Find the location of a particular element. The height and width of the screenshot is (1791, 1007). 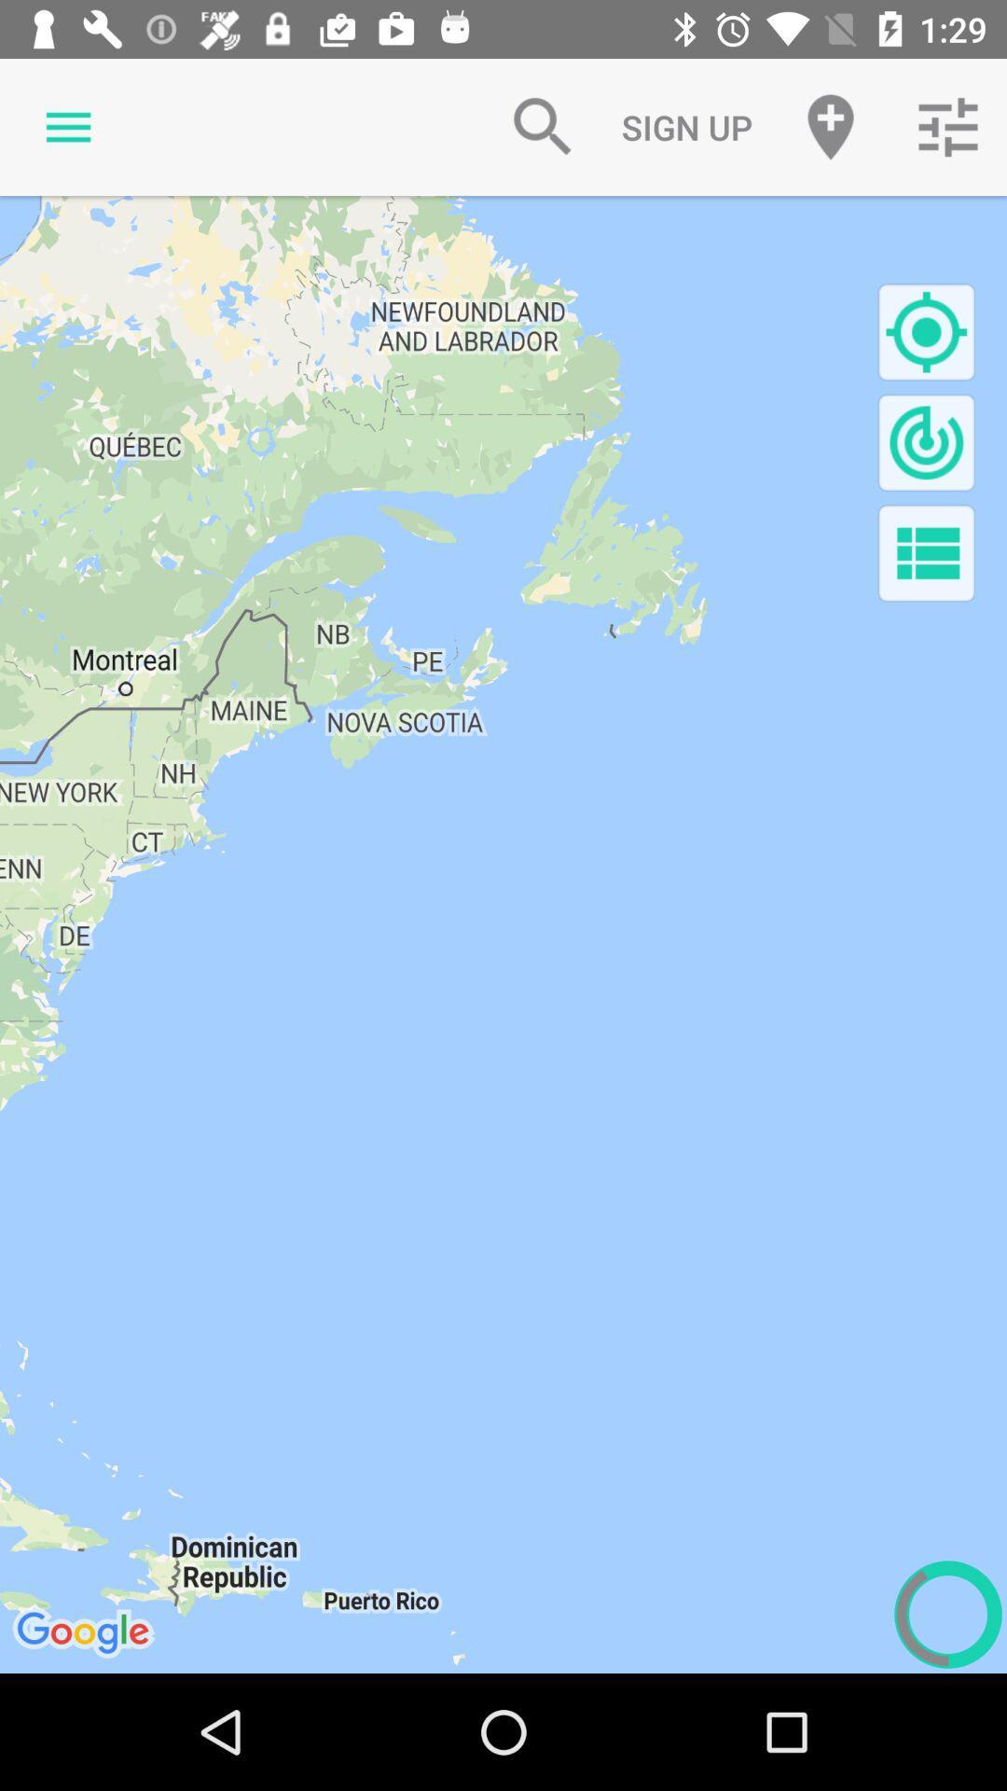

sign up is located at coordinates (686, 126).